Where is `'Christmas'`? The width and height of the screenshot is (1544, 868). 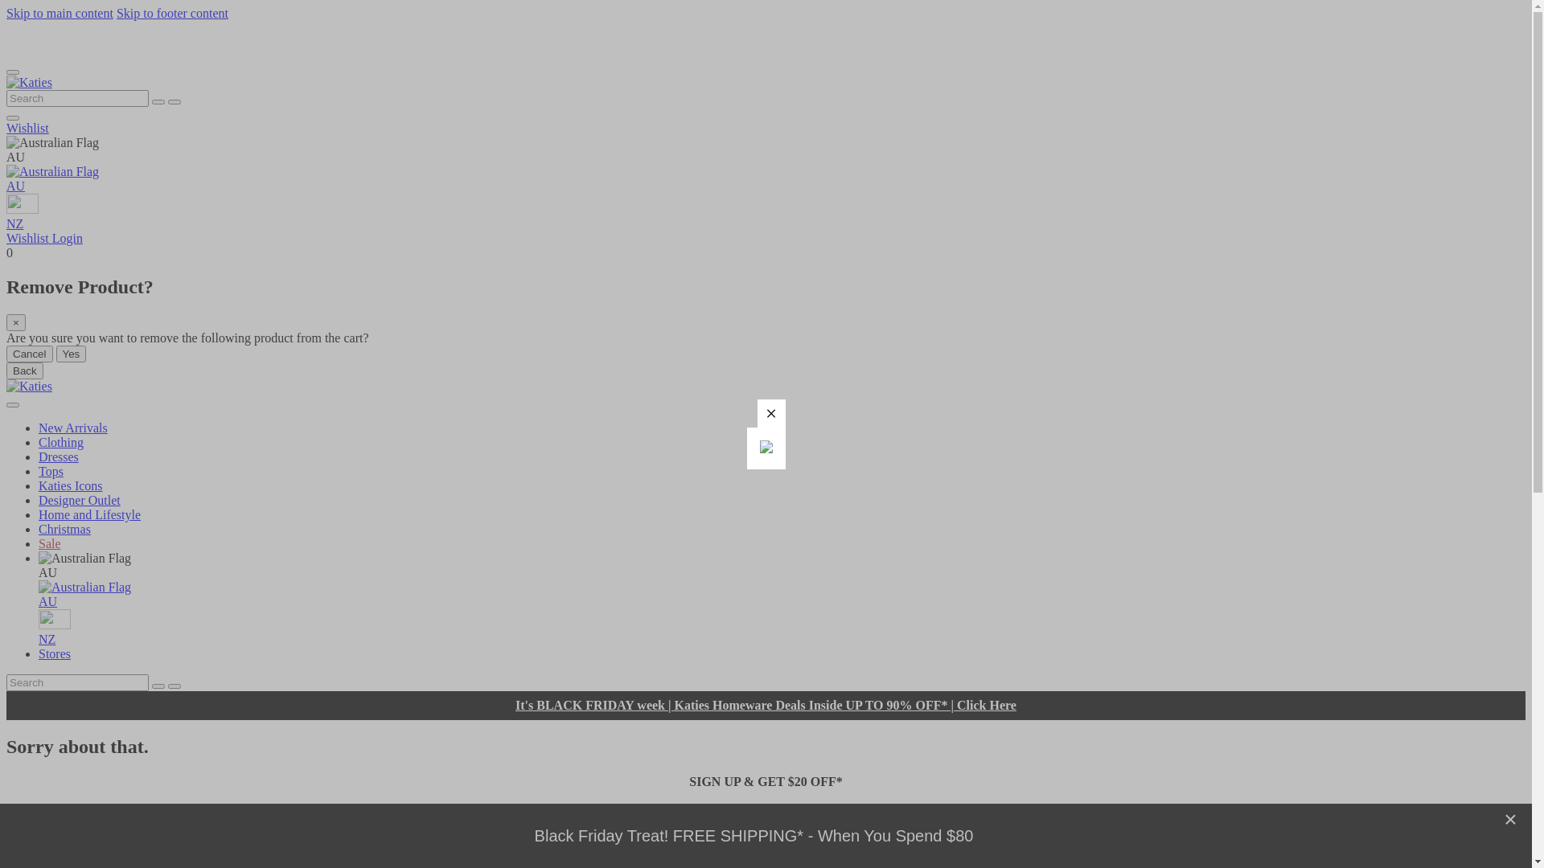 'Christmas' is located at coordinates (39, 529).